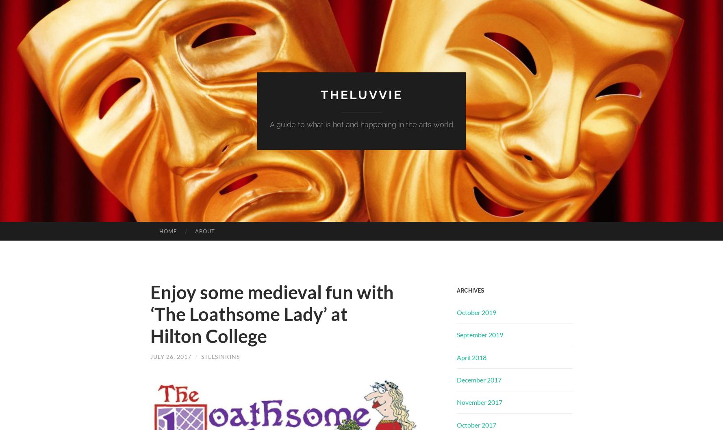 The height and width of the screenshot is (430, 723). I want to click on 'October 2017', so click(456, 424).